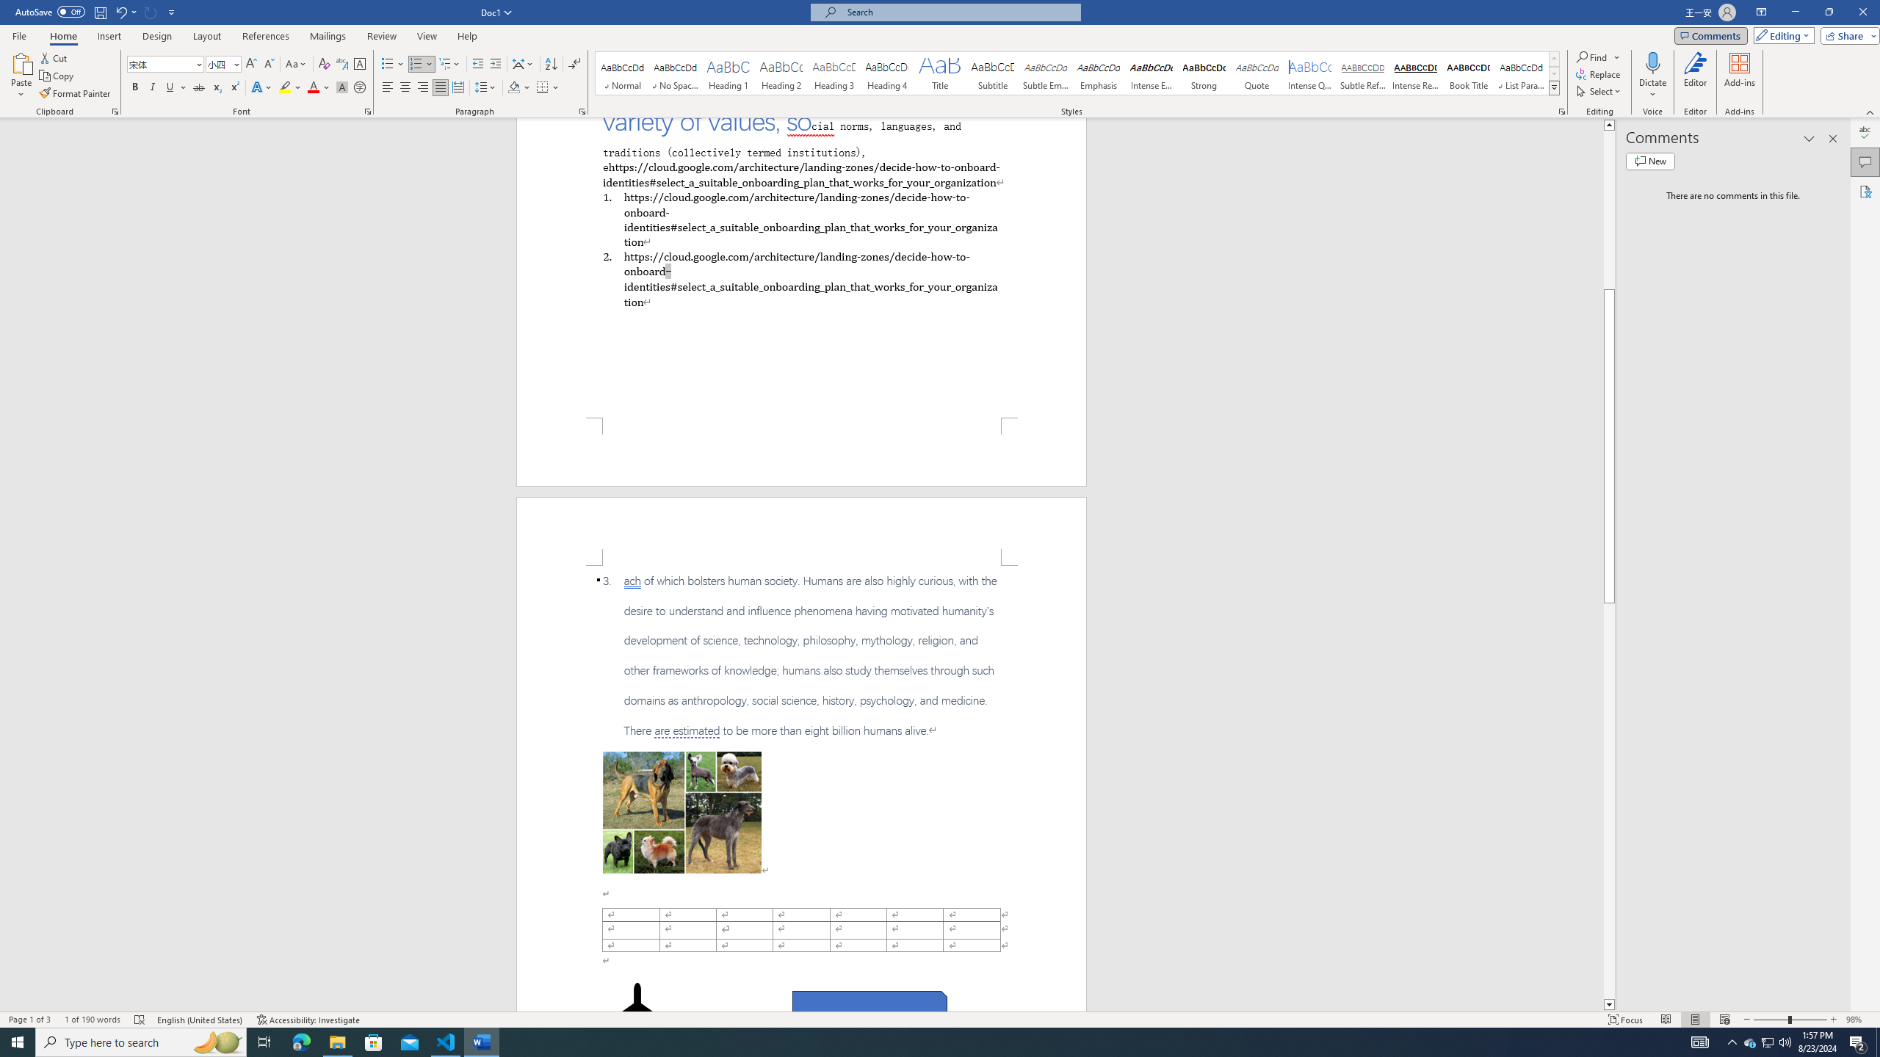 This screenshot has width=1880, height=1057. I want to click on 'Font...', so click(368, 110).